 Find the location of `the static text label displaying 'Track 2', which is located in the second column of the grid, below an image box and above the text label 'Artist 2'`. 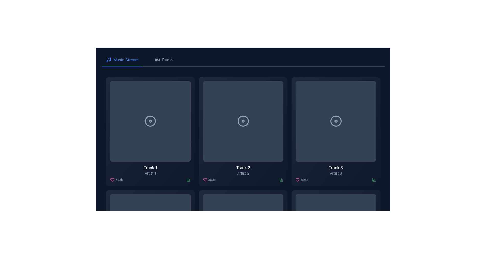

the static text label displaying 'Track 2', which is located in the second column of the grid, below an image box and above the text label 'Artist 2' is located at coordinates (243, 167).